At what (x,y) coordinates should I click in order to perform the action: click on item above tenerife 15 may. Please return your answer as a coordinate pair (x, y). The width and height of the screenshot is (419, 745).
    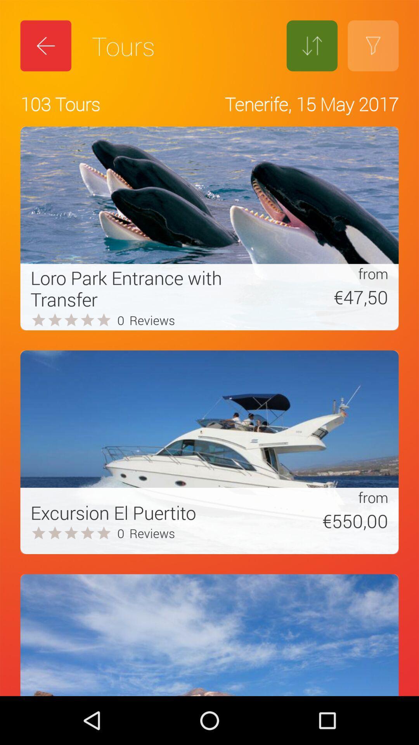
    Looking at the image, I should click on (312, 45).